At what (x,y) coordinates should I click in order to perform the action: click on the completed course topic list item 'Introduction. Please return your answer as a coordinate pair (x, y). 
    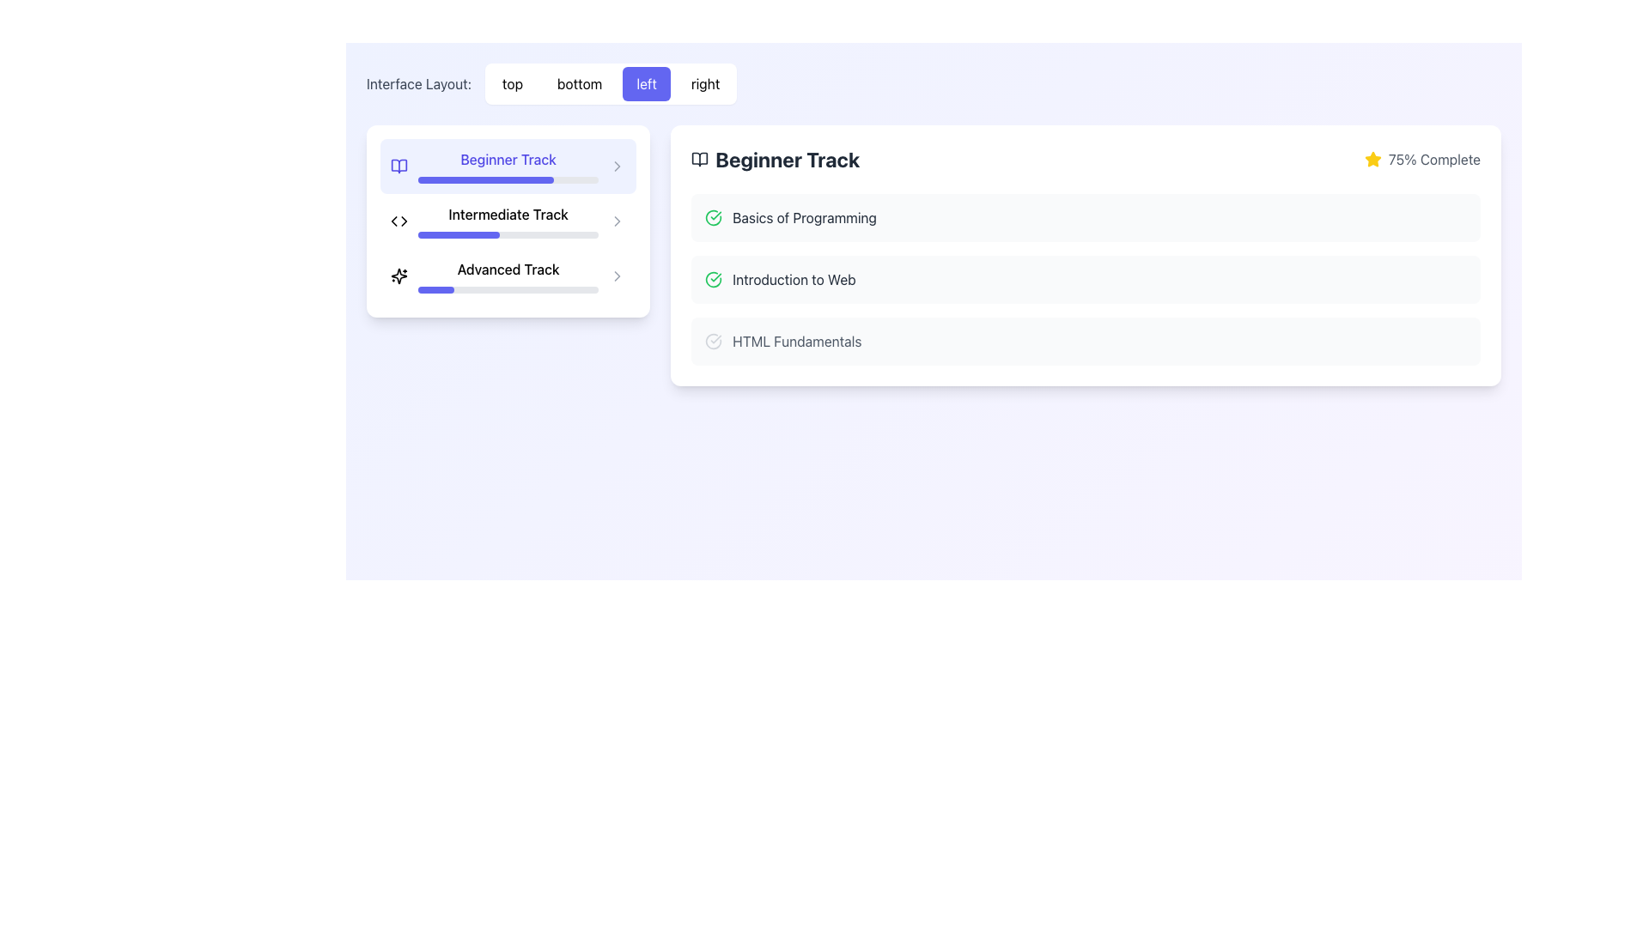
    Looking at the image, I should click on (1085, 279).